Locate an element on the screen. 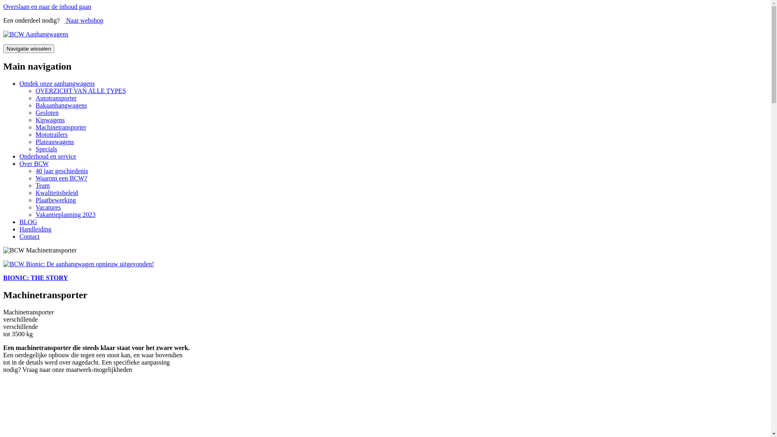 Image resolution: width=777 pixels, height=437 pixels. 'Handleiding' is located at coordinates (35, 229).